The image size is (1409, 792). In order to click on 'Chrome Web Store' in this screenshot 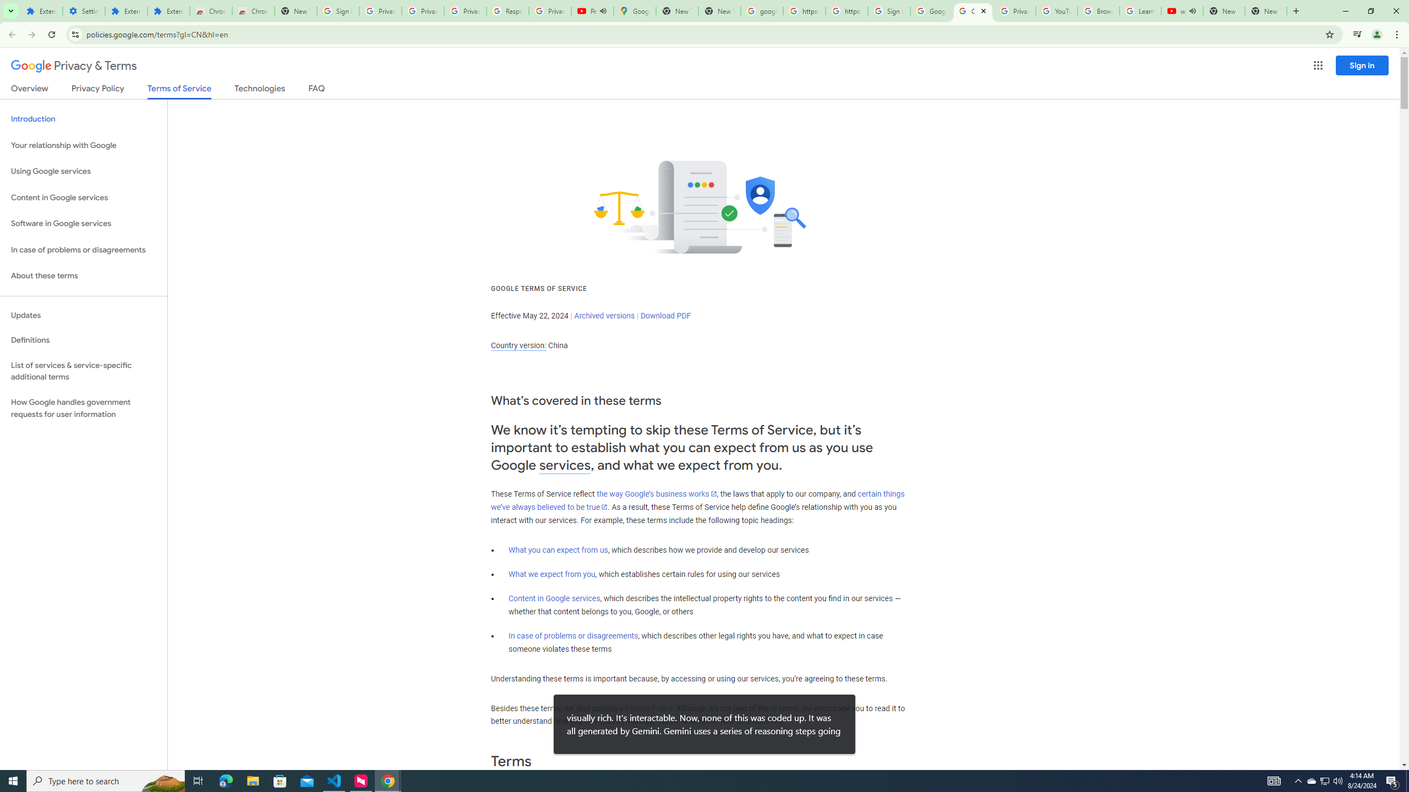, I will do `click(210, 10)`.